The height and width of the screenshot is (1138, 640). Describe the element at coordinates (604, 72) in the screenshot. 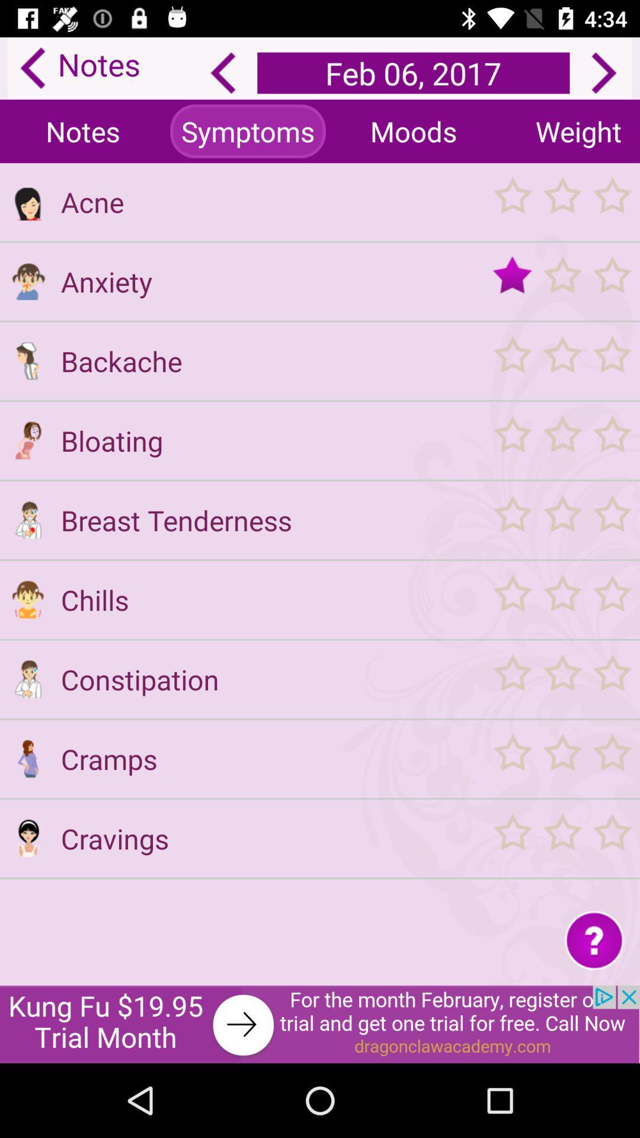

I see `next arrow` at that location.